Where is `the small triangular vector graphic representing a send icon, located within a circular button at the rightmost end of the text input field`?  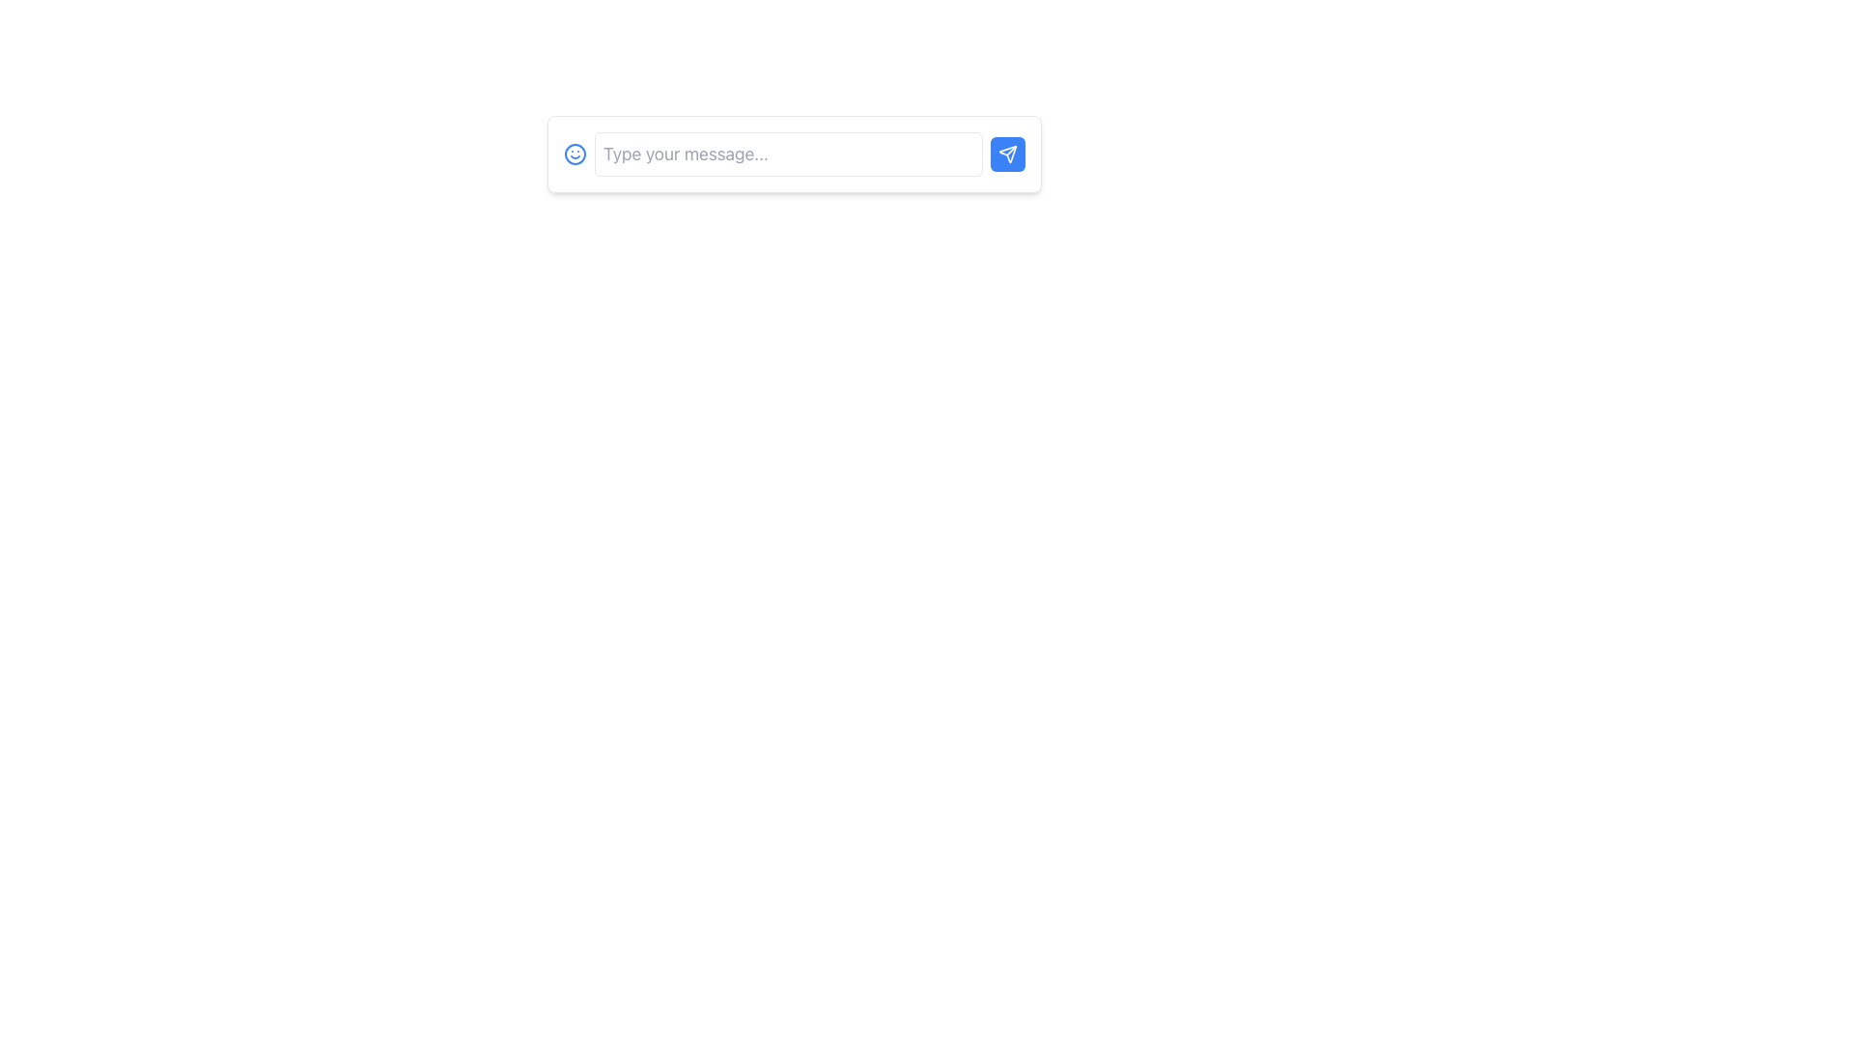 the small triangular vector graphic representing a send icon, located within a circular button at the rightmost end of the text input field is located at coordinates (1006, 153).